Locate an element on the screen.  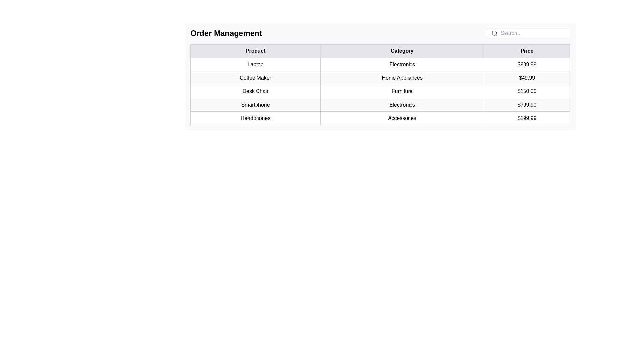
the text label displaying the price '$150.00' for the 'Desk Chair' in the 'Price' column of the data table is located at coordinates (527, 91).